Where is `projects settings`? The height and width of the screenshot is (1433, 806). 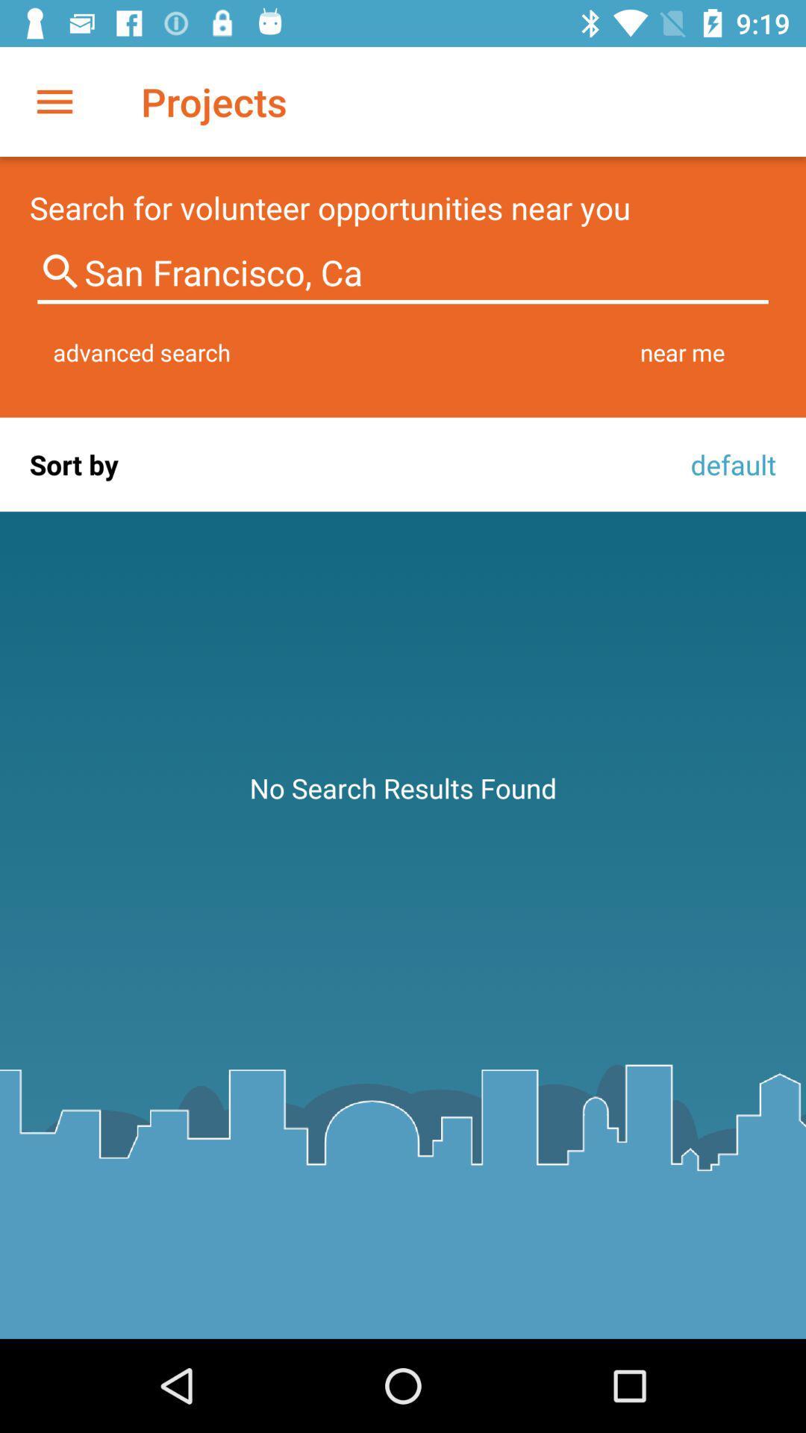 projects settings is located at coordinates (54, 101).